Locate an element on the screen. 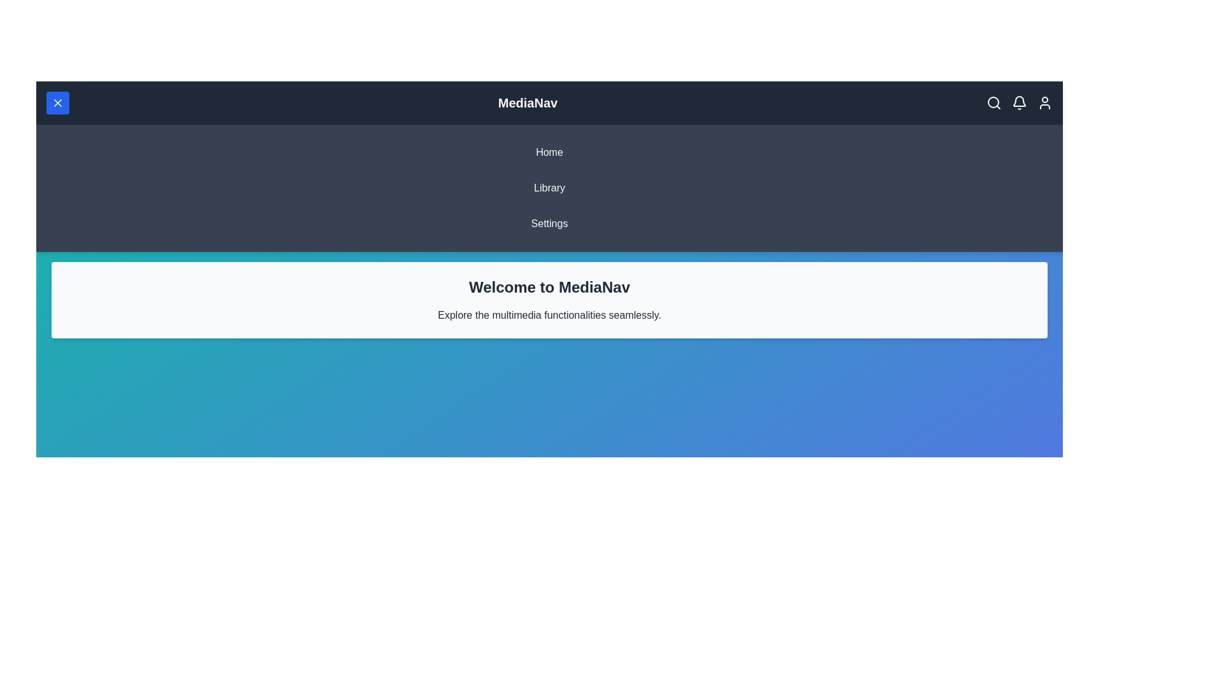 This screenshot has height=687, width=1222. the toggle button at the top left corner to toggle the sidebar visibility is located at coordinates (57, 102).